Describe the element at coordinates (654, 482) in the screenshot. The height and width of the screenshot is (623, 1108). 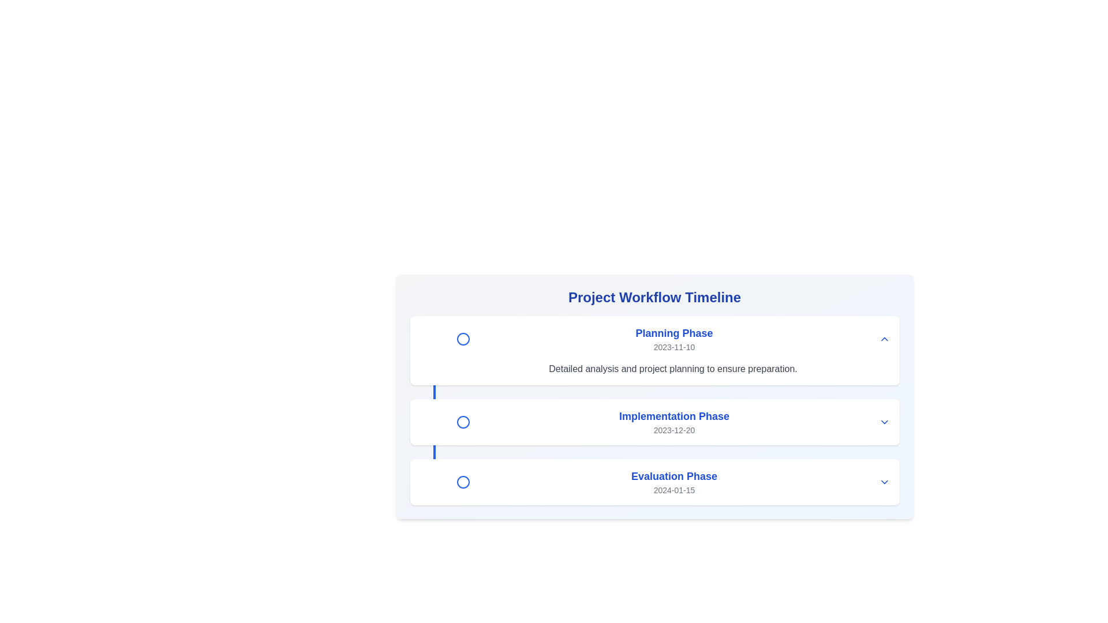
I see `the adjacent icon of the 'Evaluation Phase' timeline segment to expand more information` at that location.